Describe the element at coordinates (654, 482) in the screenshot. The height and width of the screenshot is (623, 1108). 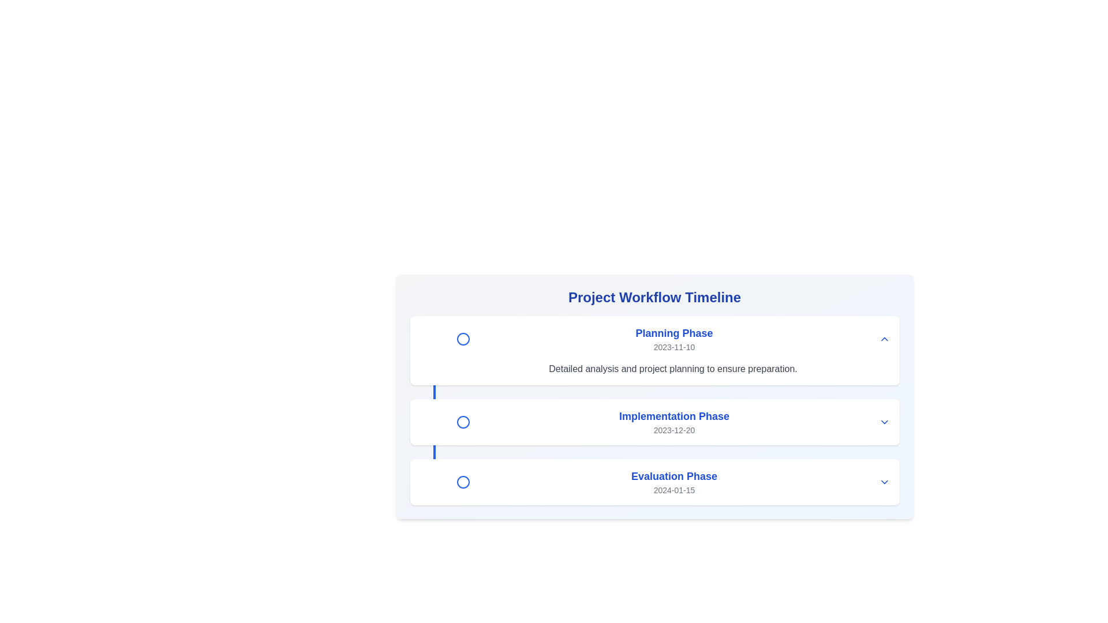
I see `the adjacent icon of the 'Evaluation Phase' timeline segment to expand more information` at that location.